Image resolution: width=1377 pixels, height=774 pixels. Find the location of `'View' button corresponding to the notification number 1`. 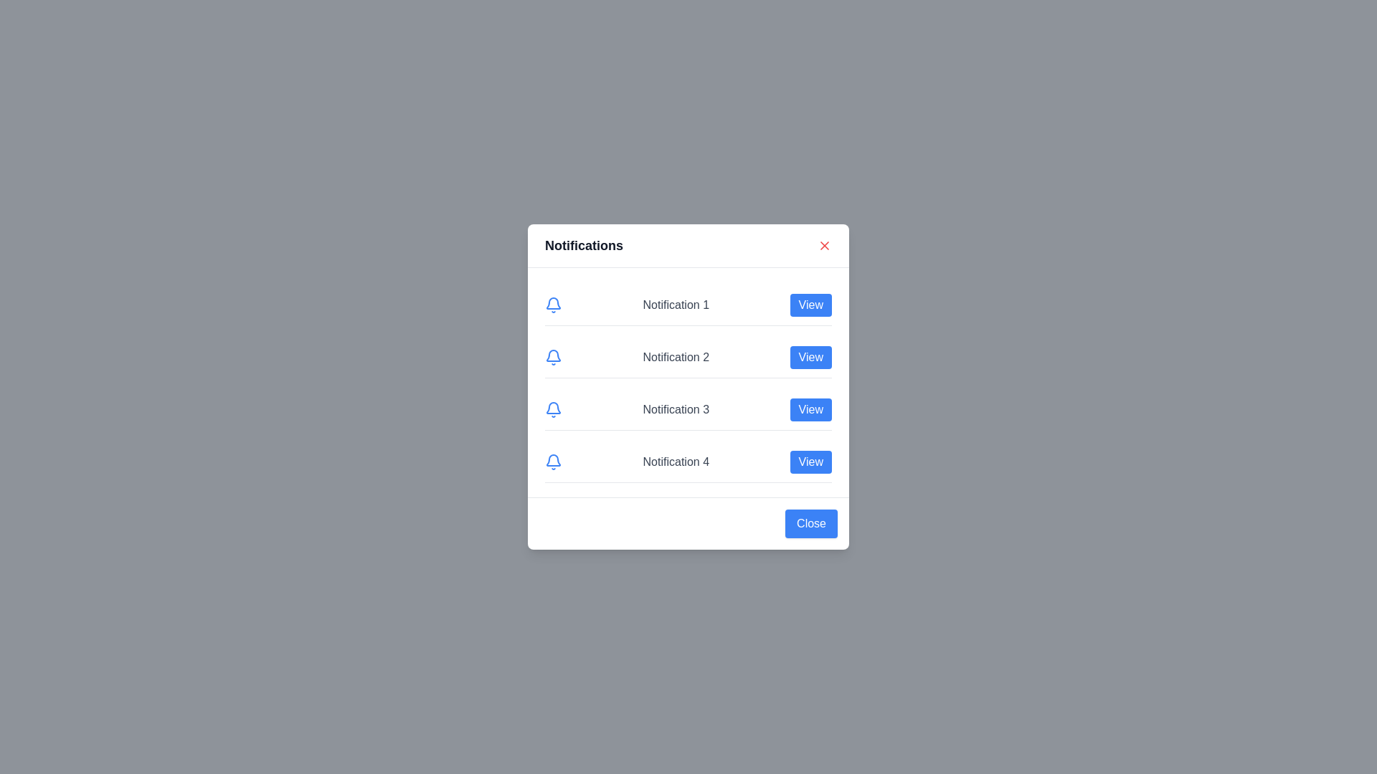

'View' button corresponding to the notification number 1 is located at coordinates (810, 304).